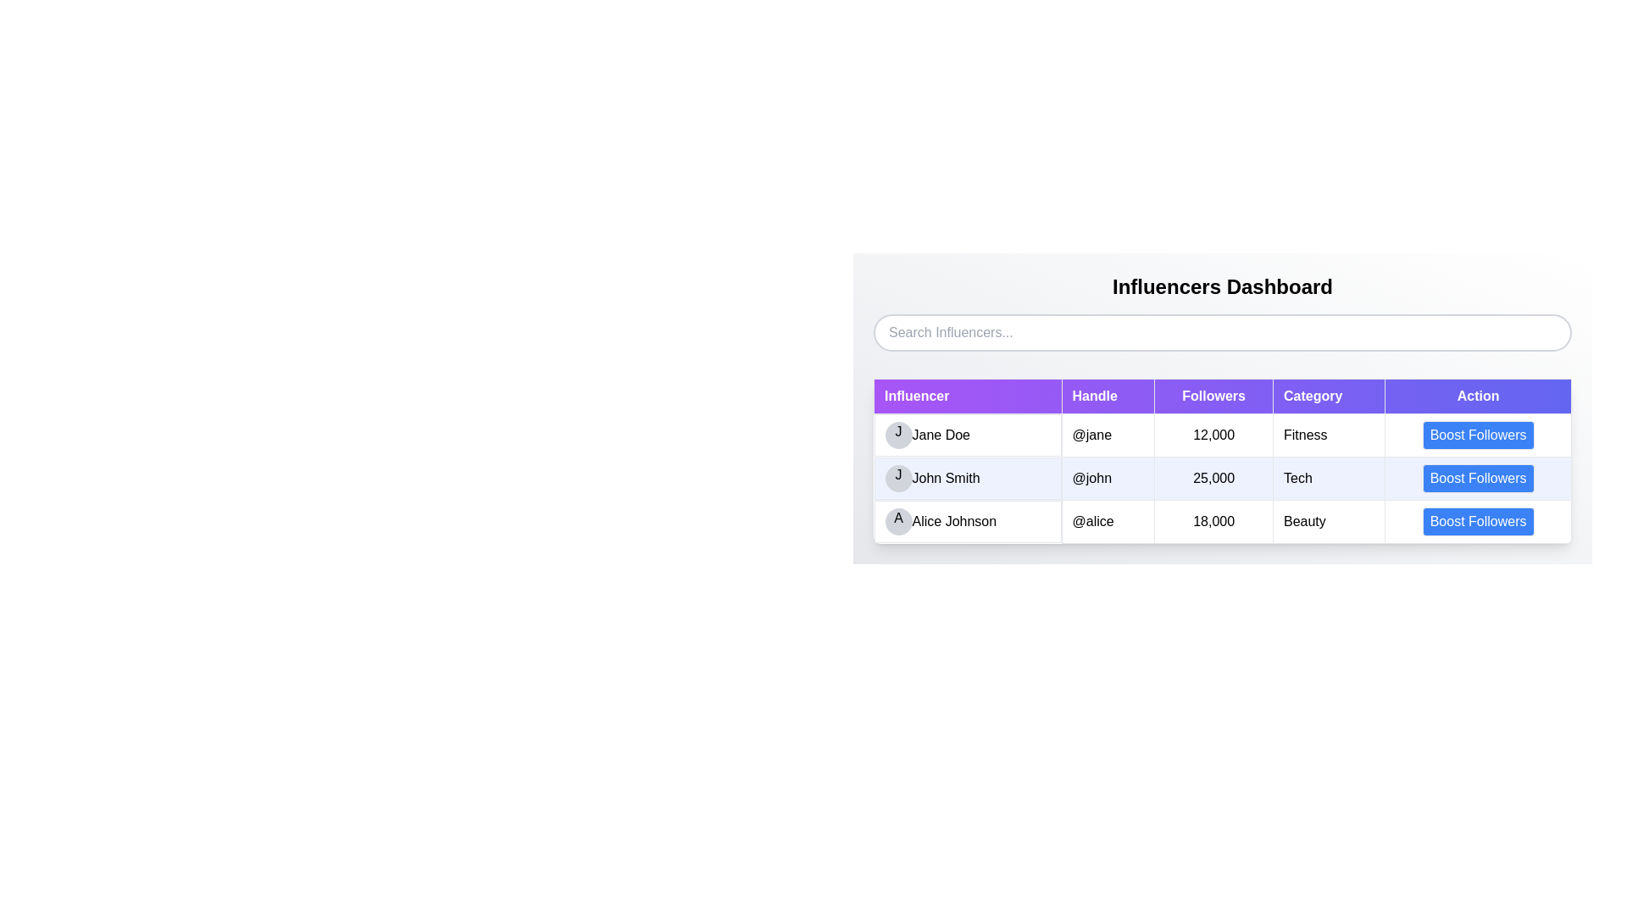 The image size is (1627, 915). I want to click on the static follower count display for 'John Smith' with handle '@john' in the 'Followers' column of the table, so click(1213, 478).